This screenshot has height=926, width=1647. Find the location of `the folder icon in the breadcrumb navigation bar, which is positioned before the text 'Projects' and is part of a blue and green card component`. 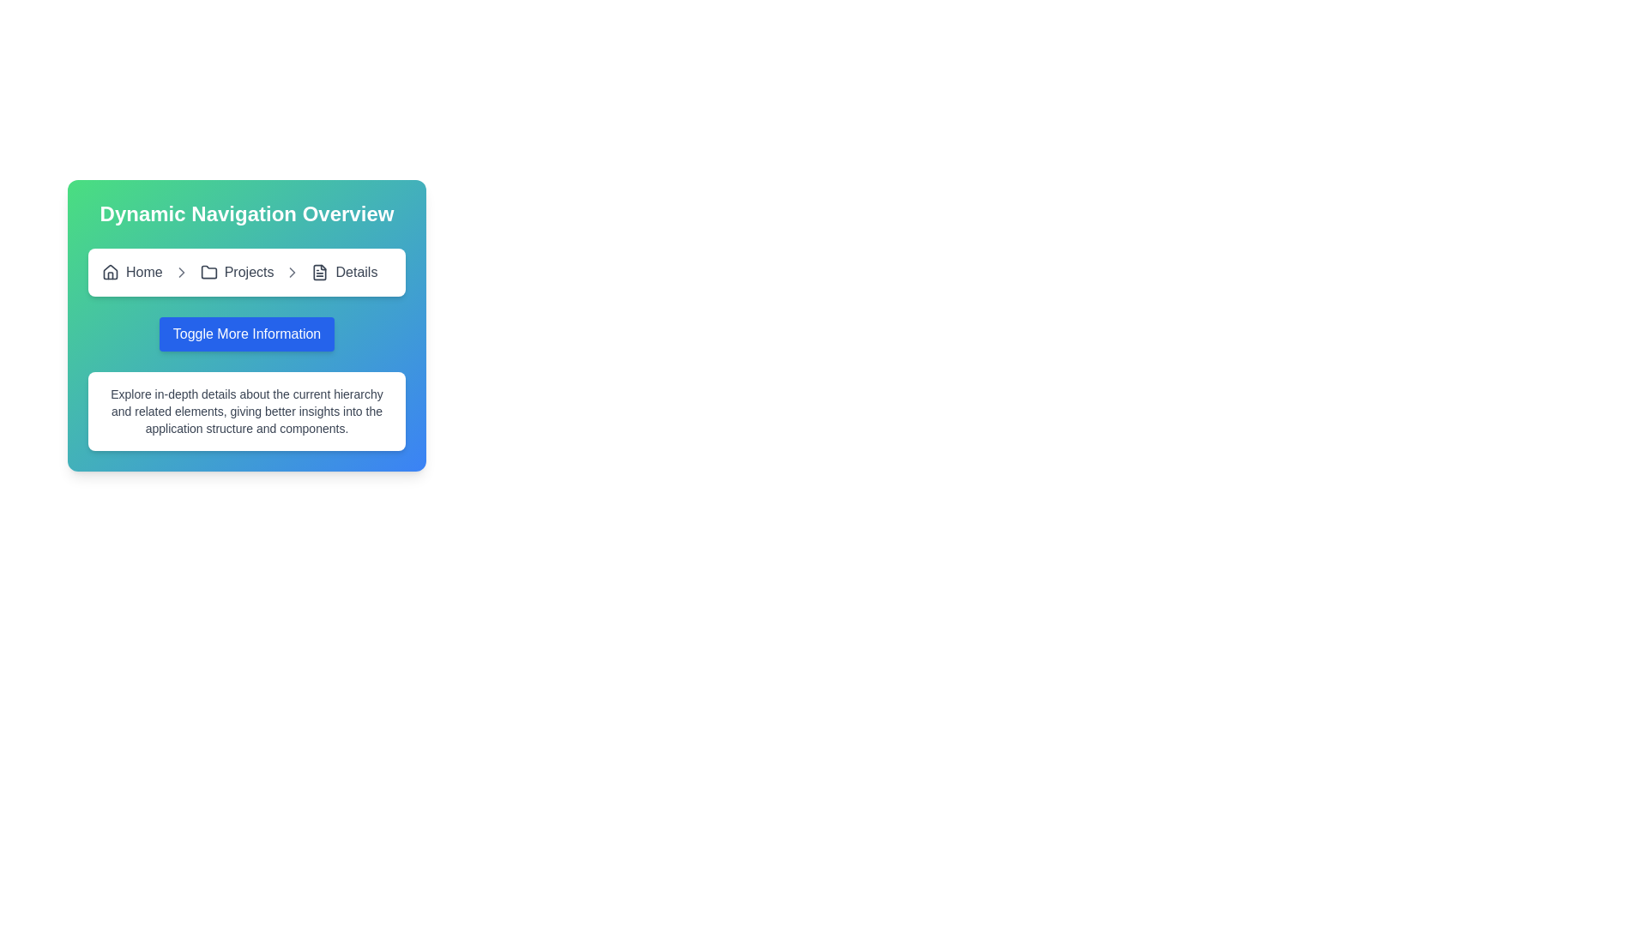

the folder icon in the breadcrumb navigation bar, which is positioned before the text 'Projects' and is part of a blue and green card component is located at coordinates (208, 271).